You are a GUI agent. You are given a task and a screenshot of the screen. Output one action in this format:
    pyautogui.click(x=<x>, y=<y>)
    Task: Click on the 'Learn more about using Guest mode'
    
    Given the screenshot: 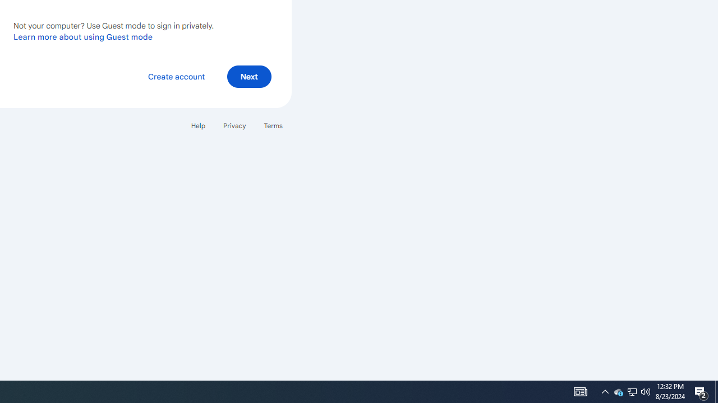 What is the action you would take?
    pyautogui.click(x=82, y=36)
    